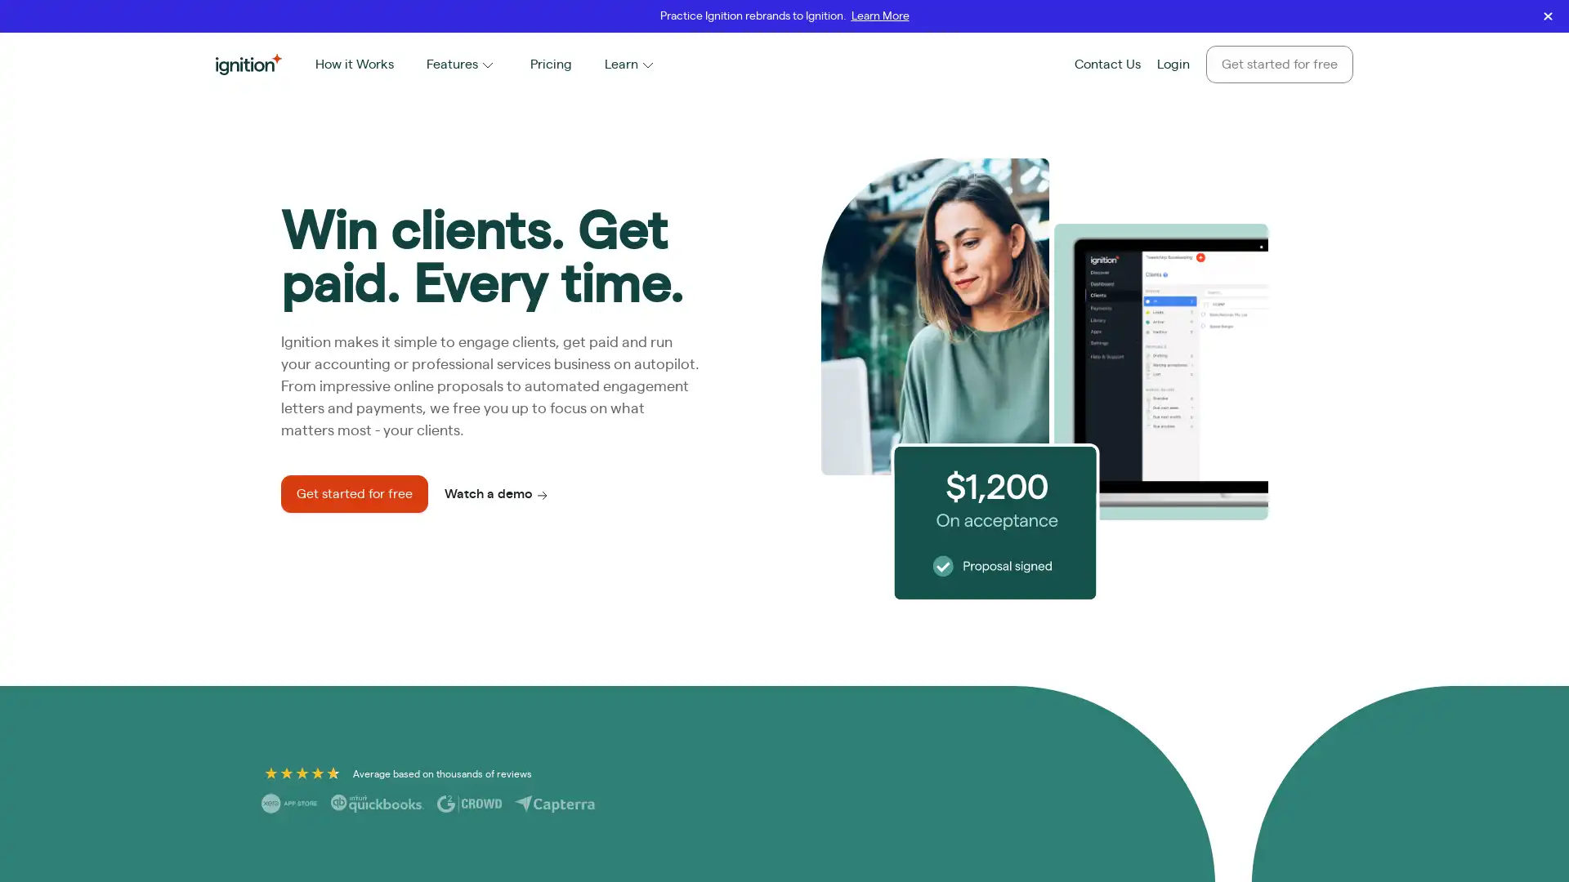  I want to click on Features, so click(461, 63).